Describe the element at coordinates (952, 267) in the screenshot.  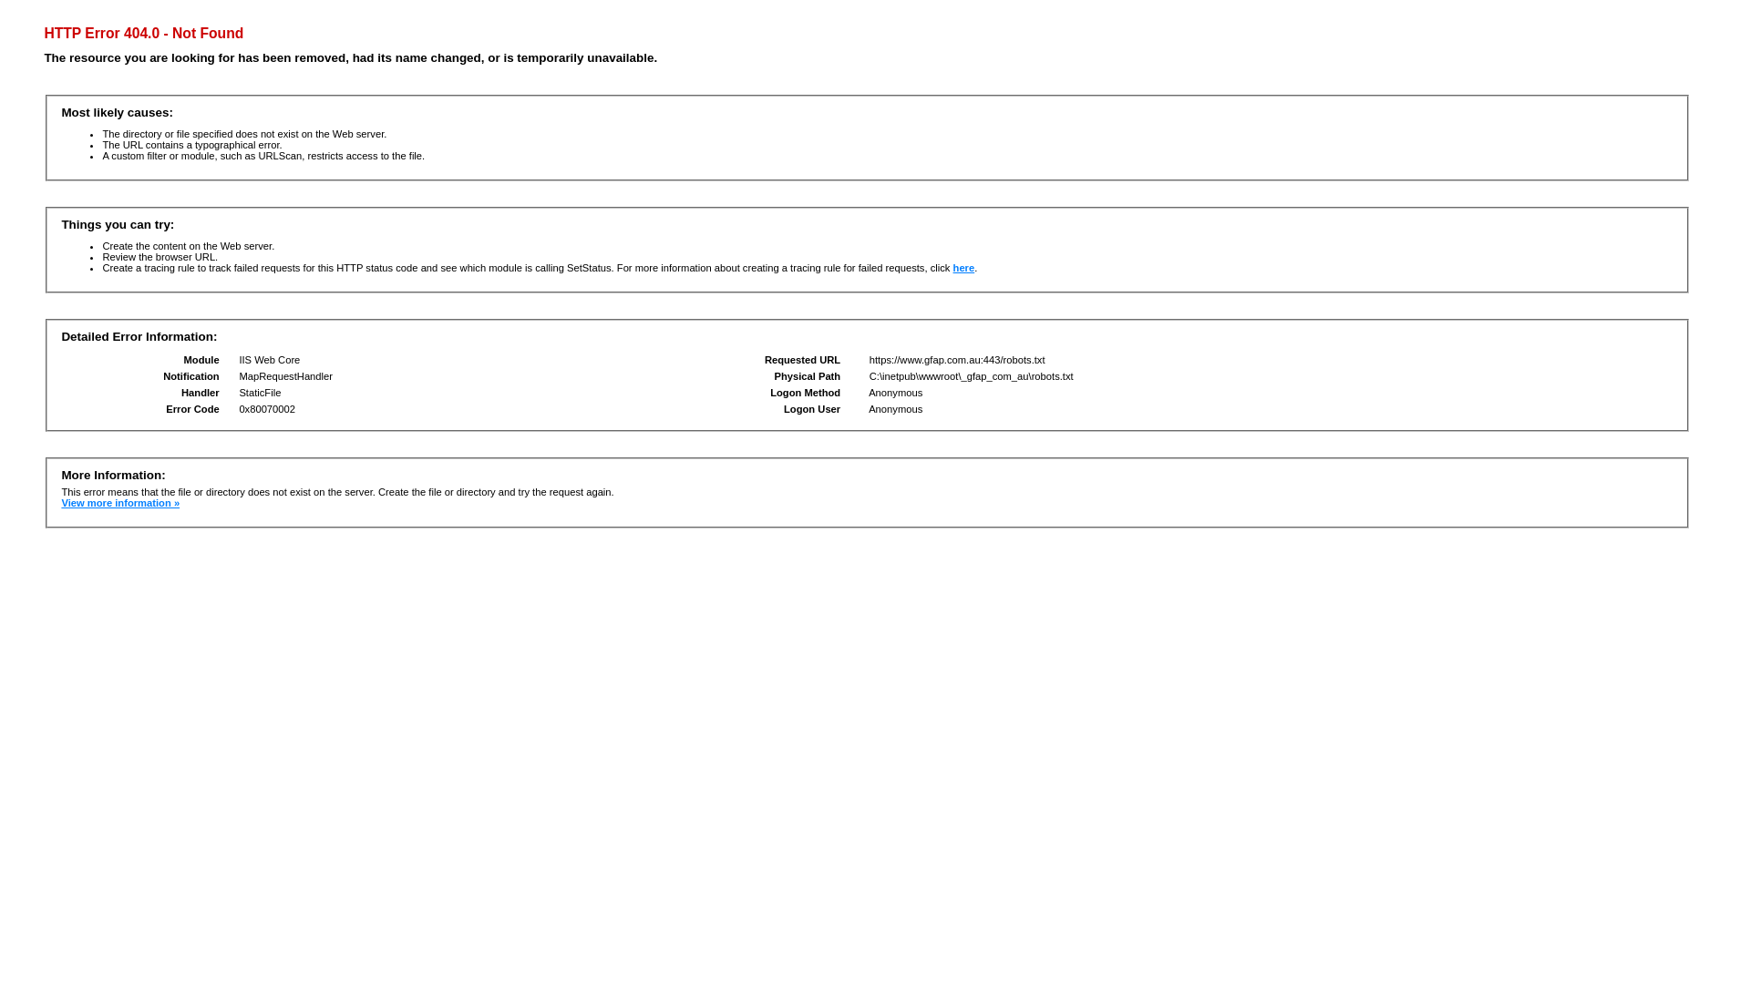
I see `'here'` at that location.